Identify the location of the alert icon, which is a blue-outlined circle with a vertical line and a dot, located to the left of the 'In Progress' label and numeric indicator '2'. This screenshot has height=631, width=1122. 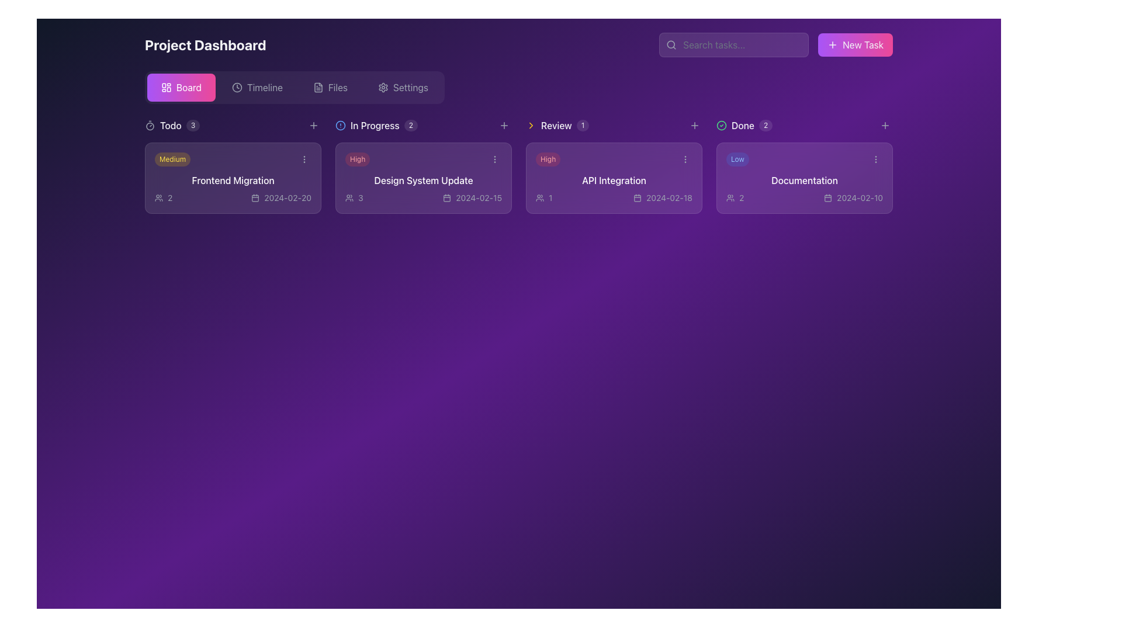
(340, 126).